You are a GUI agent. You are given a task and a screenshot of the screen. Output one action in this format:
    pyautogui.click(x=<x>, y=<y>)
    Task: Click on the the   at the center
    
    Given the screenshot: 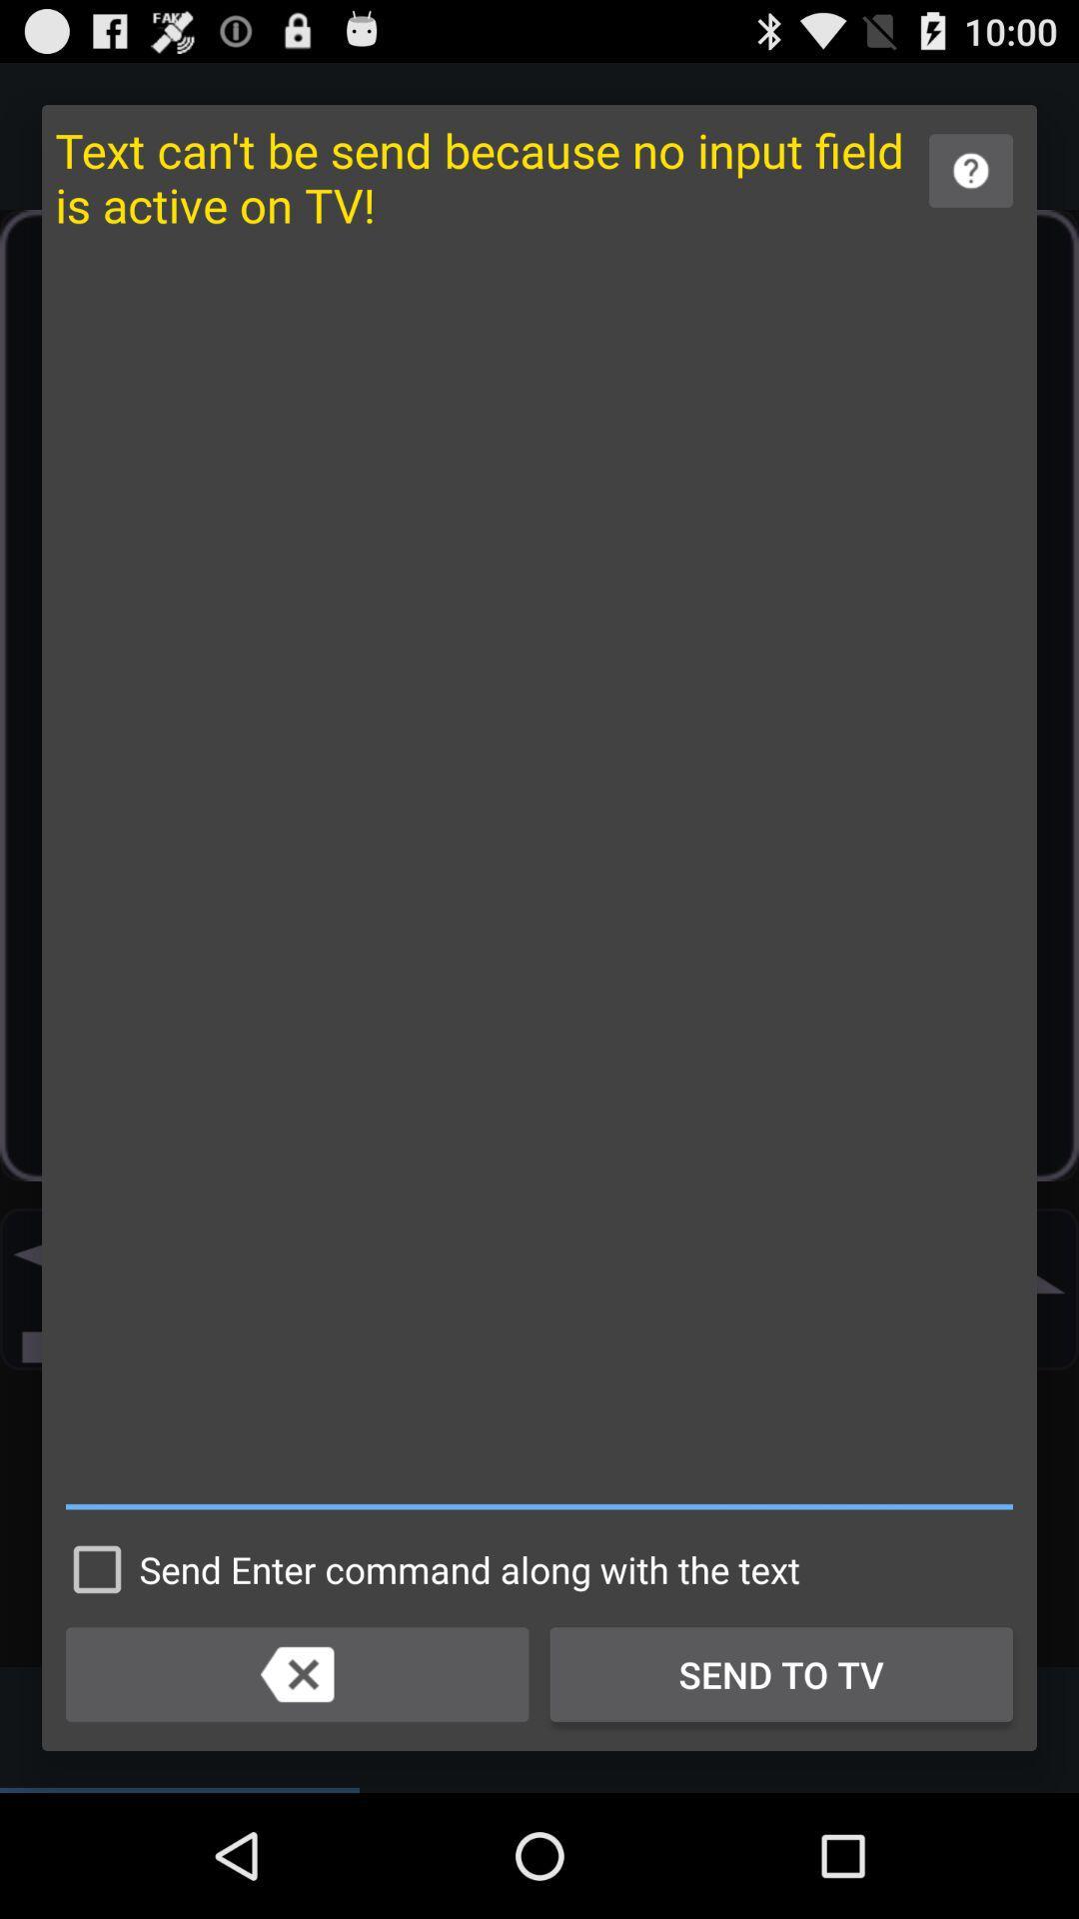 What is the action you would take?
    pyautogui.click(x=539, y=881)
    